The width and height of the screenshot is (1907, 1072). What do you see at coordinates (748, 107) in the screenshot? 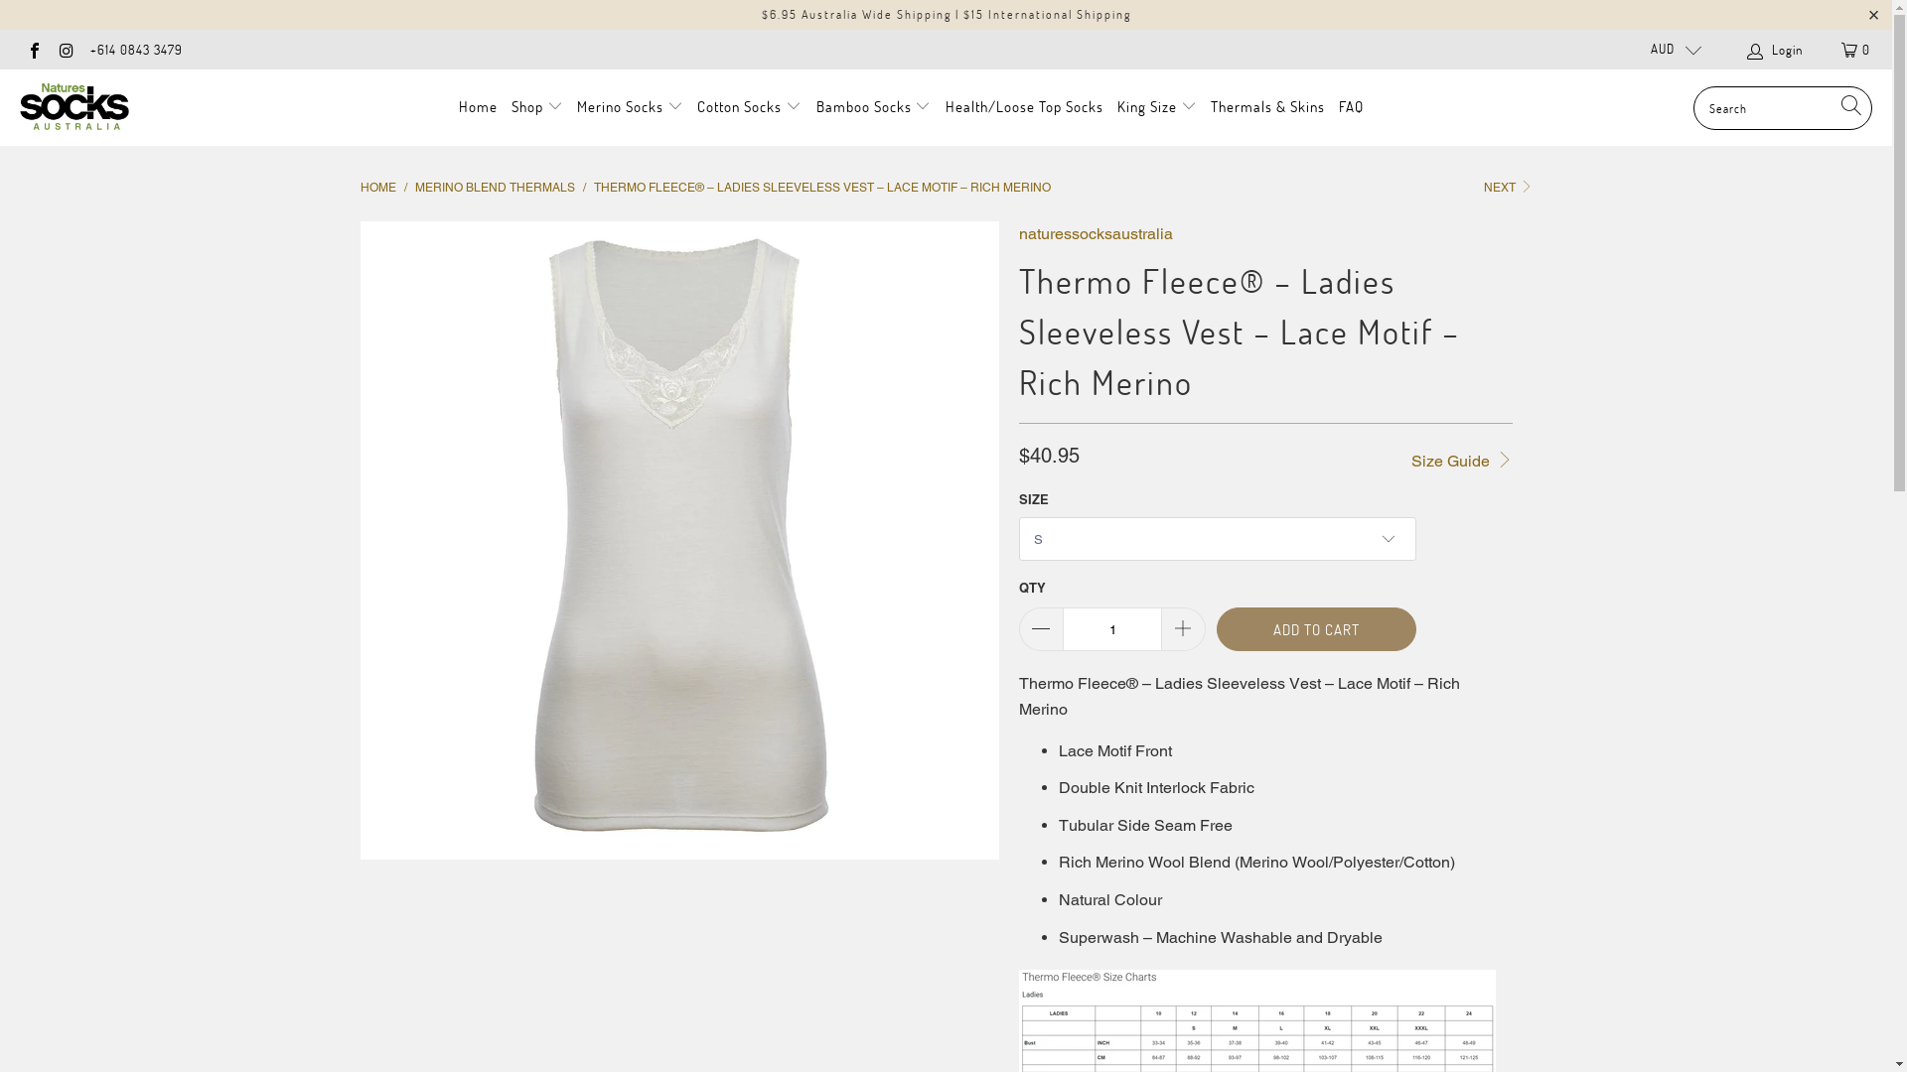
I see `'Cotton Socks'` at bounding box center [748, 107].